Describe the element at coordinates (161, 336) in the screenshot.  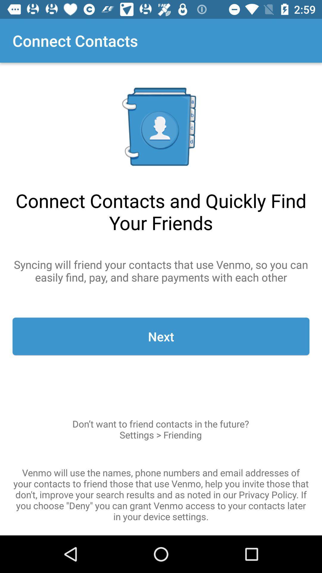
I see `item below syncing will friend icon` at that location.